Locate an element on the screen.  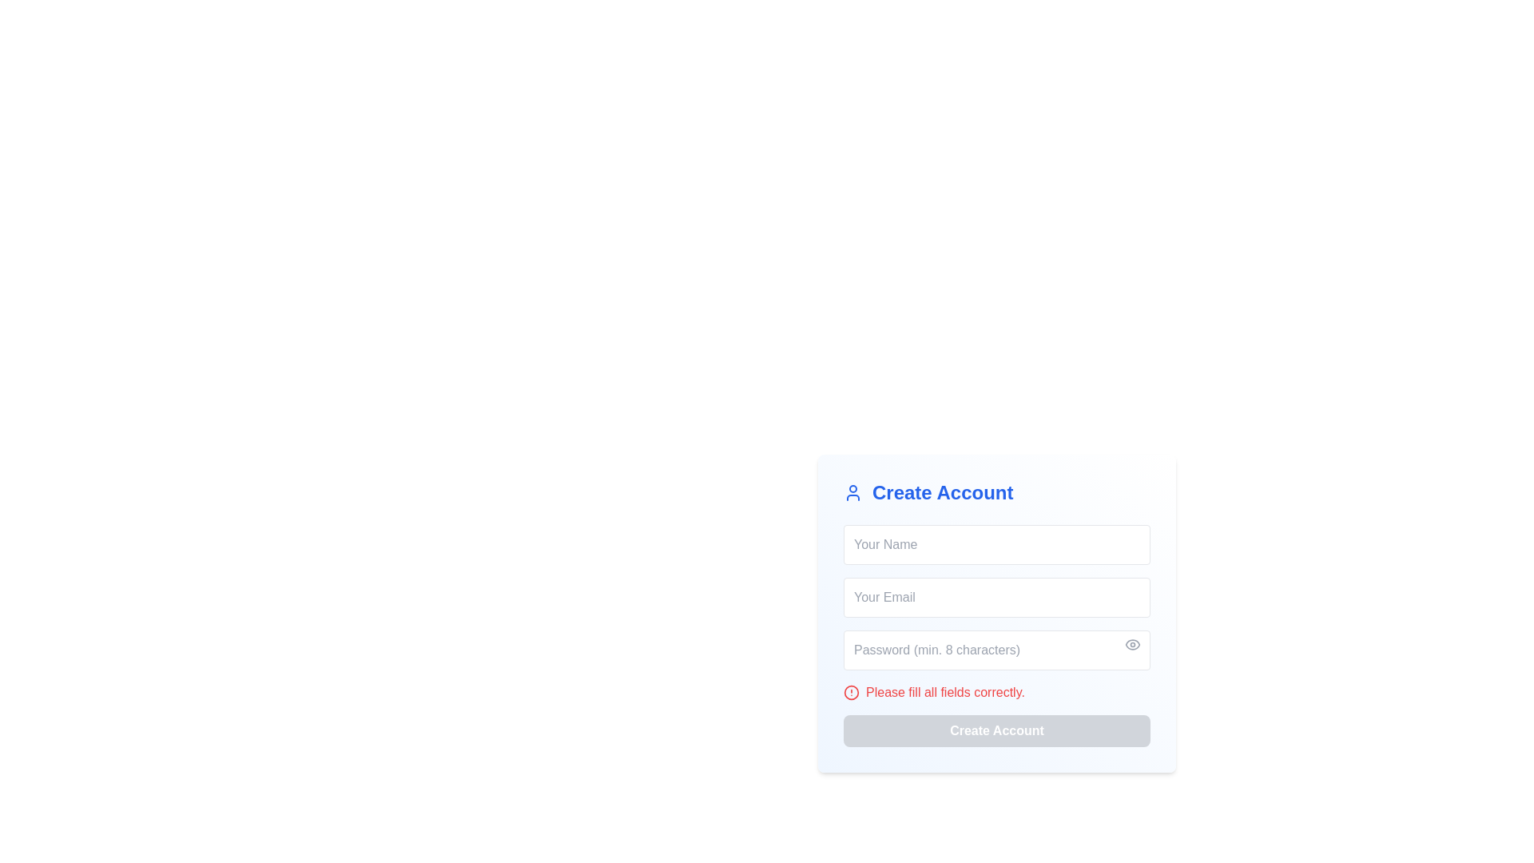
the user profile icon with a blue outline, located to the left of the 'Create Account' text is located at coordinates (852, 492).